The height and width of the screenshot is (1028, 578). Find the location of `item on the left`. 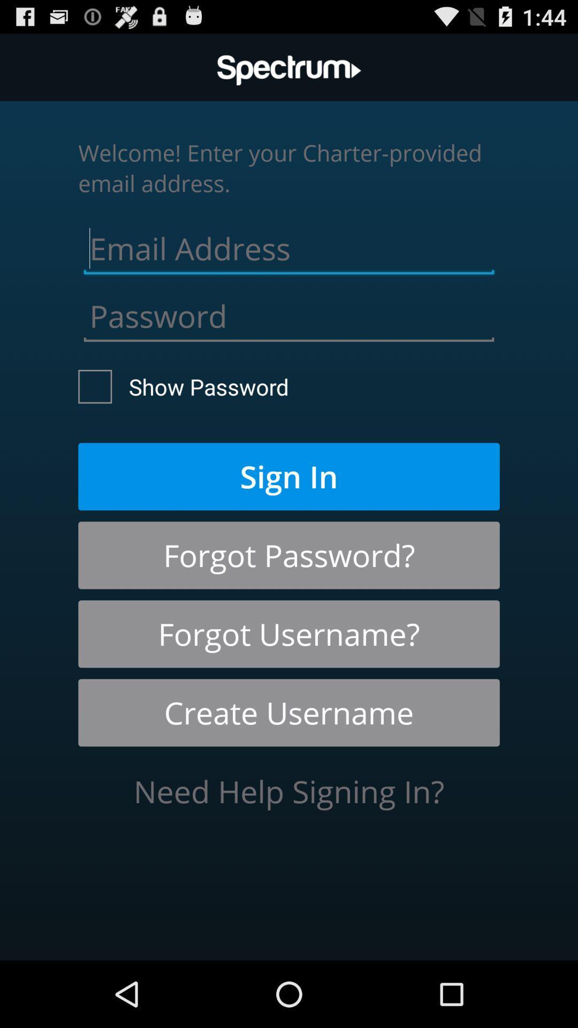

item on the left is located at coordinates (183, 386).